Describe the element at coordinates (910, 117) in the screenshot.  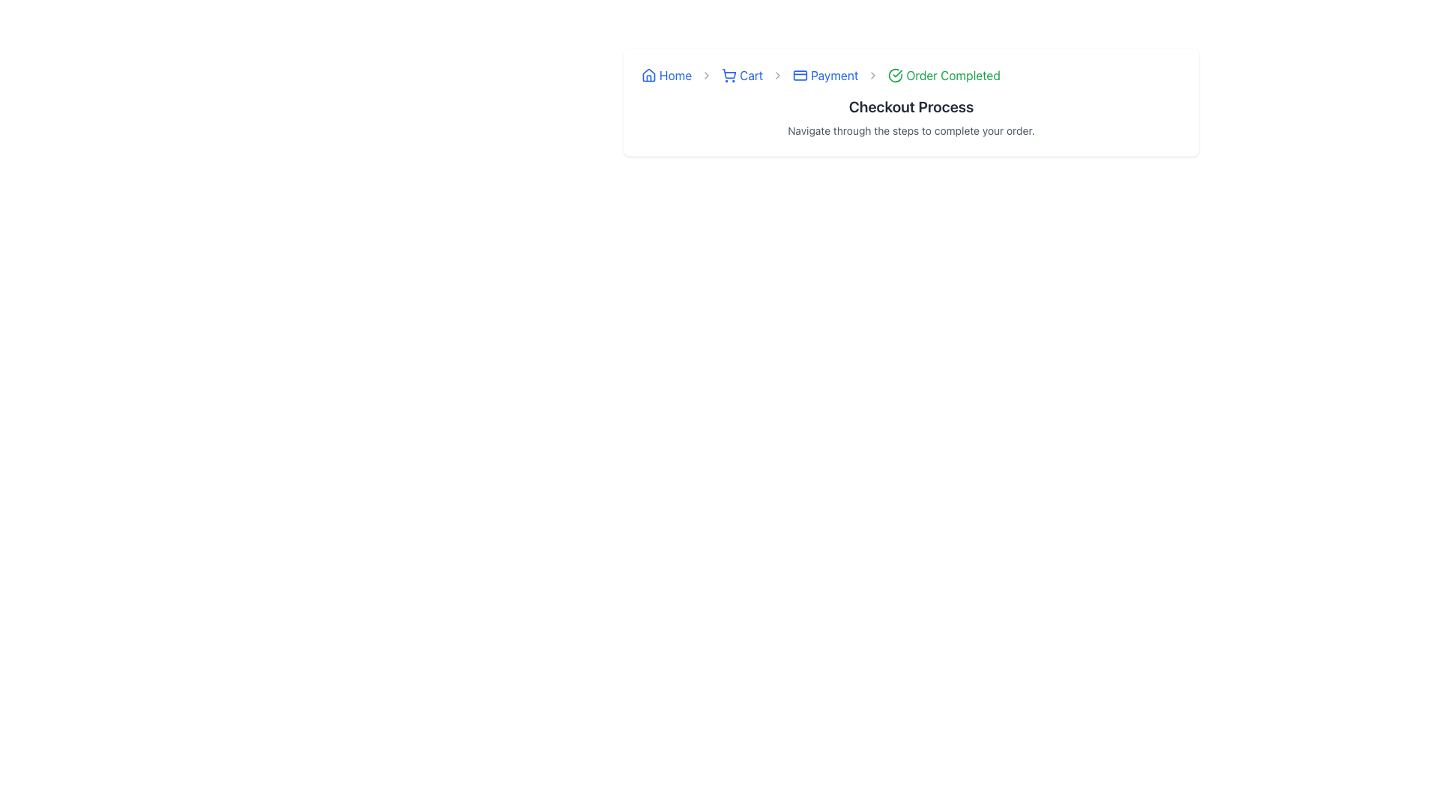
I see `the Informational Typography Block labeled 'Checkout Process' which includes the description 'Navigate through the steps to complete your order.'` at that location.